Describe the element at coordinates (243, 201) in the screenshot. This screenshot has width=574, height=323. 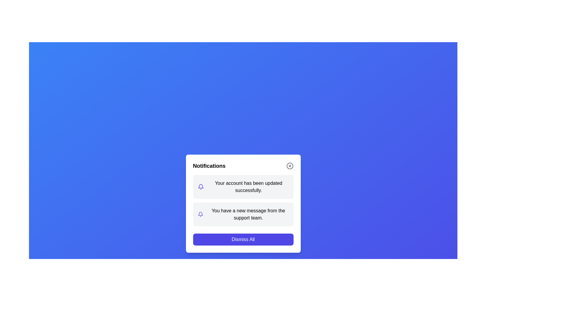
I see `the notification message located beneath the title 'Notifications' and above the 'Dismiss All' button by clicking on the text content block` at that location.